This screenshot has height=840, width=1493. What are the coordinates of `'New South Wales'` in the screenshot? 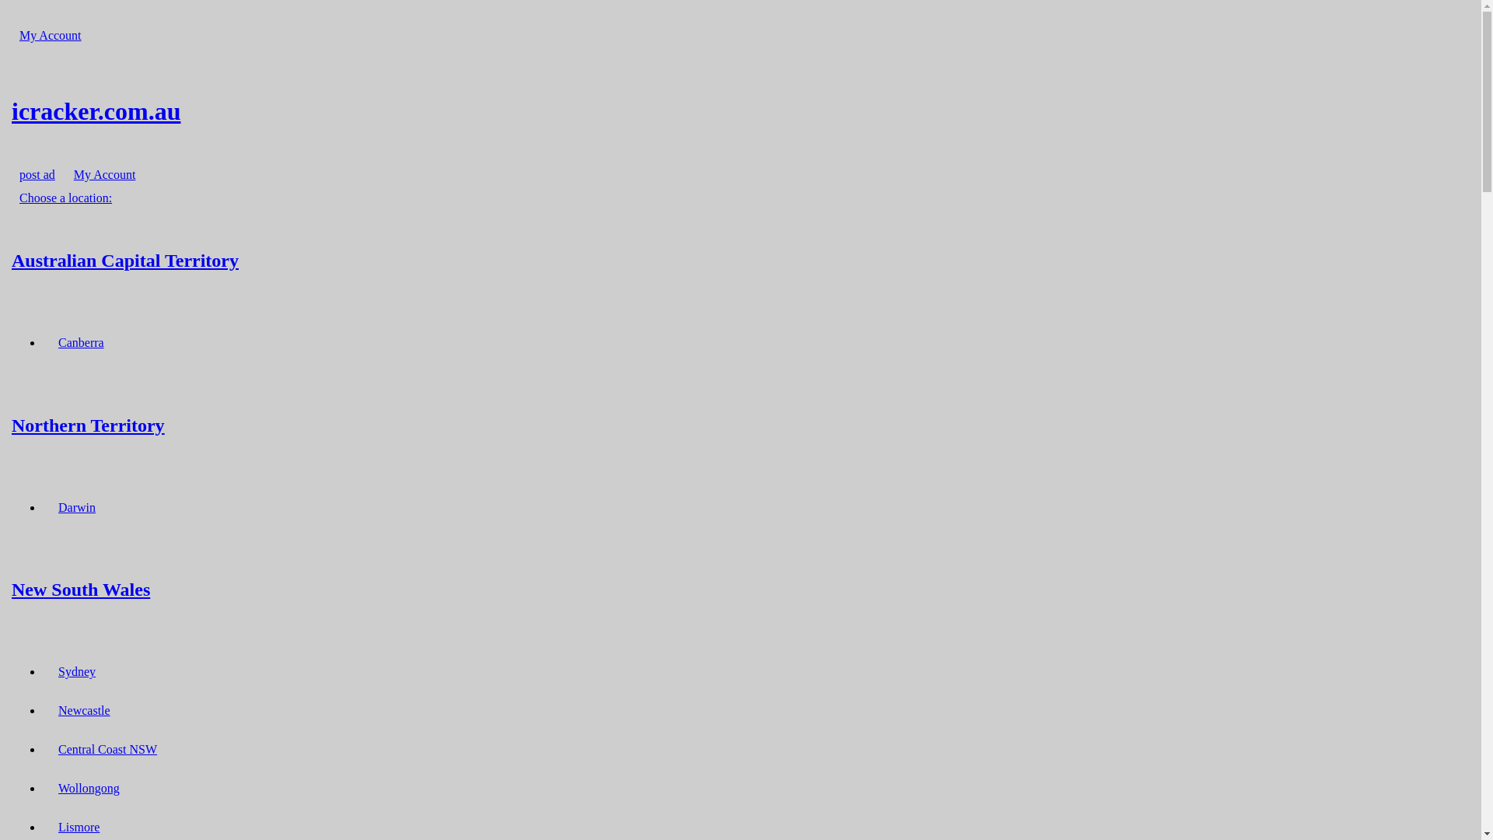 It's located at (11, 590).